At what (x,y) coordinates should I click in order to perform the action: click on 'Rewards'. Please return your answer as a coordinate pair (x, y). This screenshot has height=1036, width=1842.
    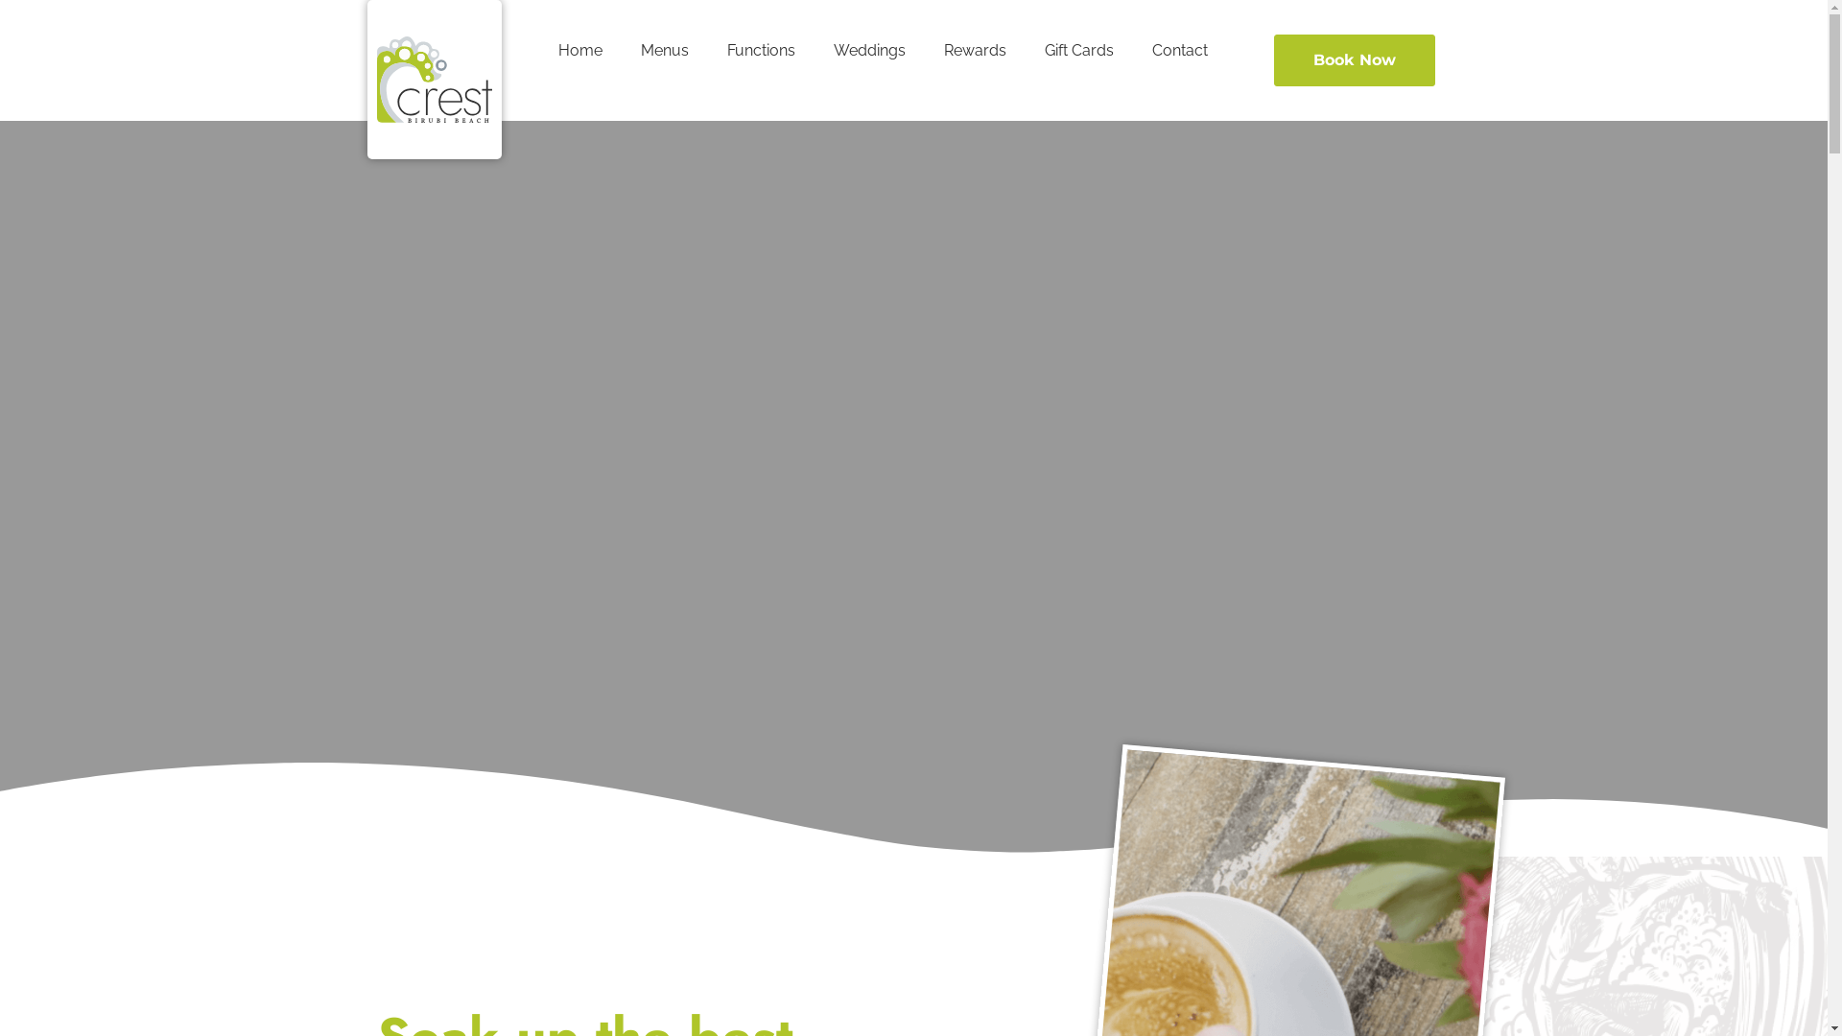
    Looking at the image, I should click on (975, 50).